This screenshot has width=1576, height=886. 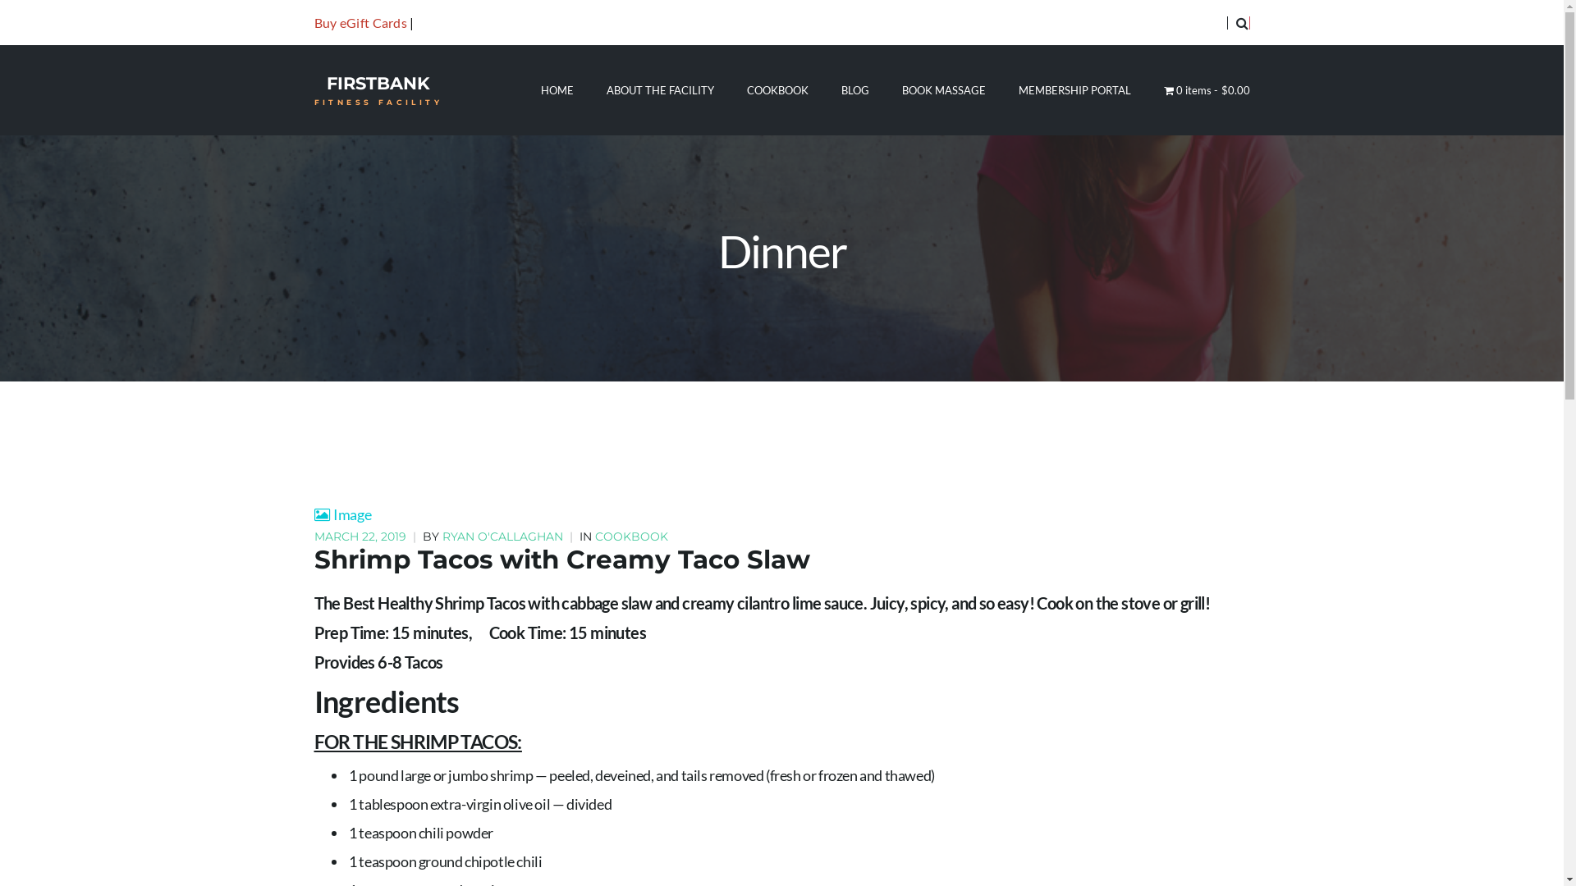 I want to click on 'Image', so click(x=341, y=514).